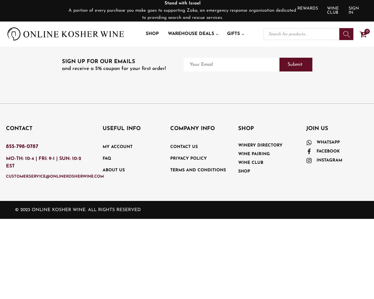  What do you see at coordinates (191, 33) in the screenshot?
I see `'Warehouse Deals'` at bounding box center [191, 33].